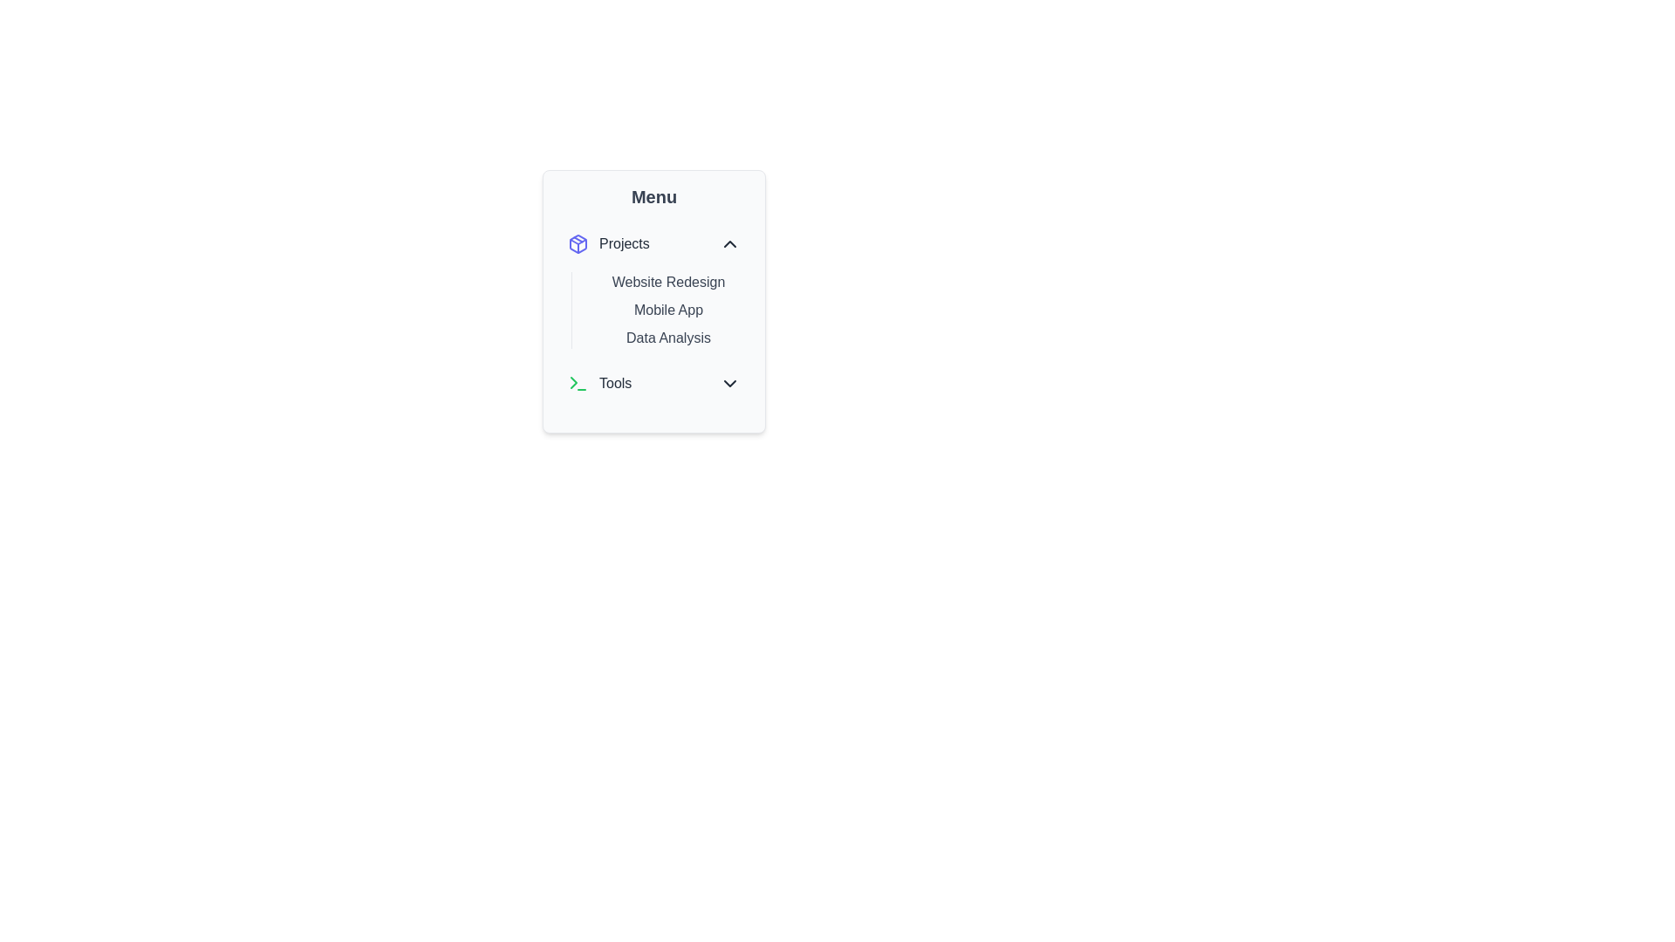 The height and width of the screenshot is (942, 1675). Describe the element at coordinates (608, 244) in the screenshot. I see `the 'Projects' menu item, which is the first item under the 'Menu' header in the top section of the menu` at that location.